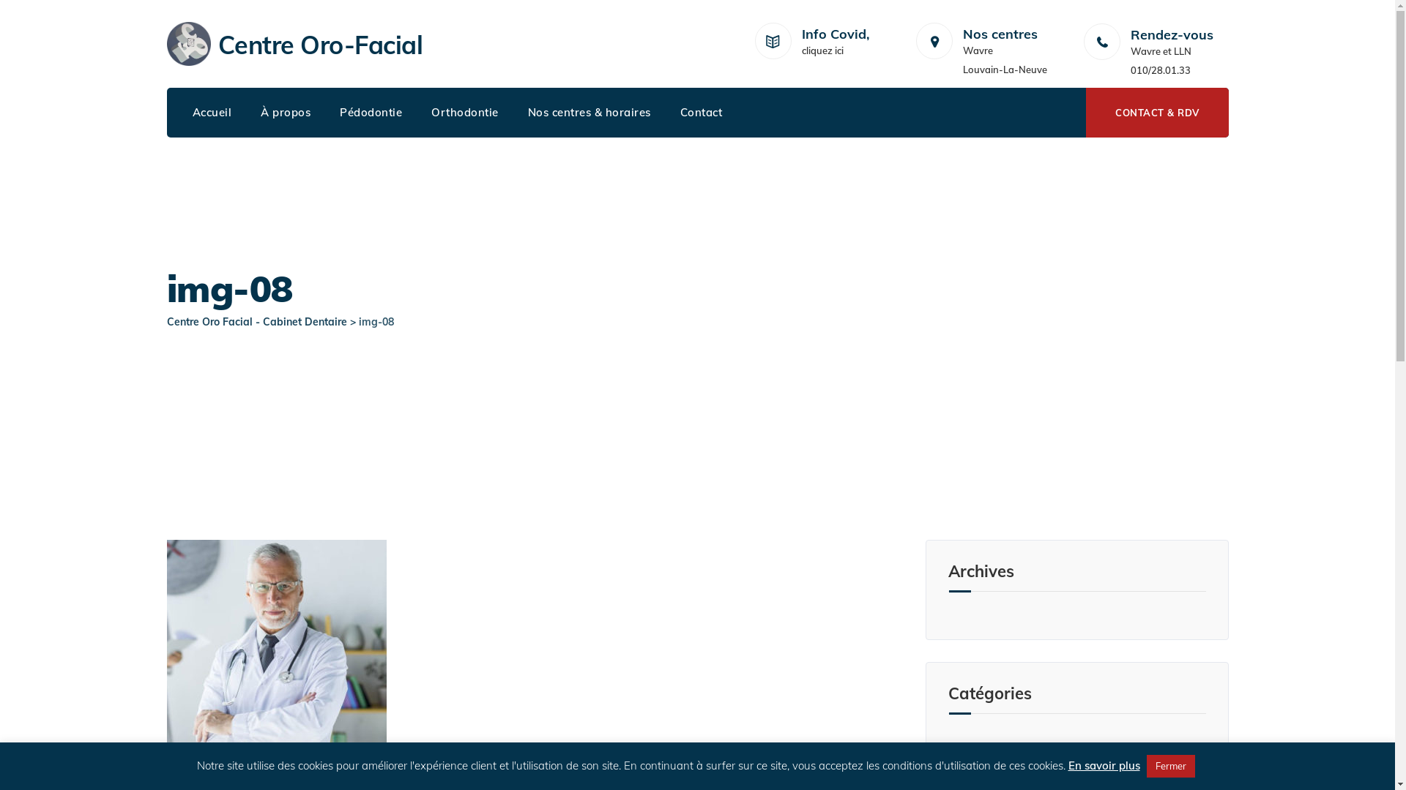 This screenshot has width=1406, height=790. I want to click on 'Fermer', so click(1145, 765).